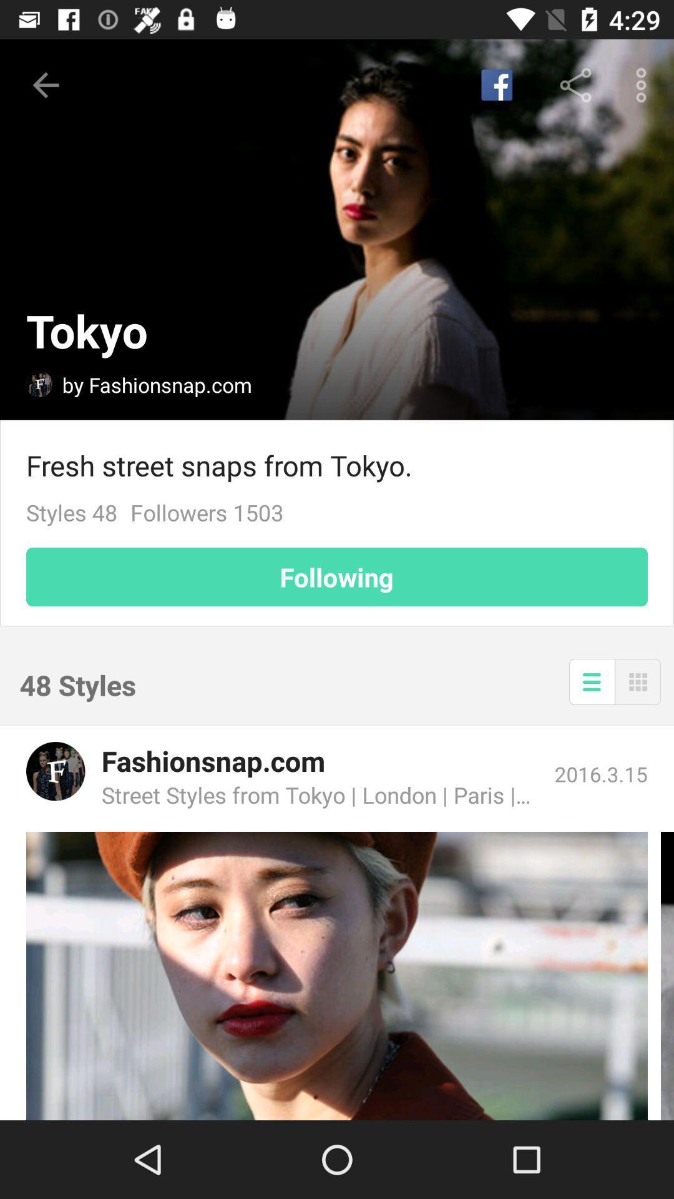 The width and height of the screenshot is (674, 1199). I want to click on the icon next to 48 styles icon, so click(591, 681).